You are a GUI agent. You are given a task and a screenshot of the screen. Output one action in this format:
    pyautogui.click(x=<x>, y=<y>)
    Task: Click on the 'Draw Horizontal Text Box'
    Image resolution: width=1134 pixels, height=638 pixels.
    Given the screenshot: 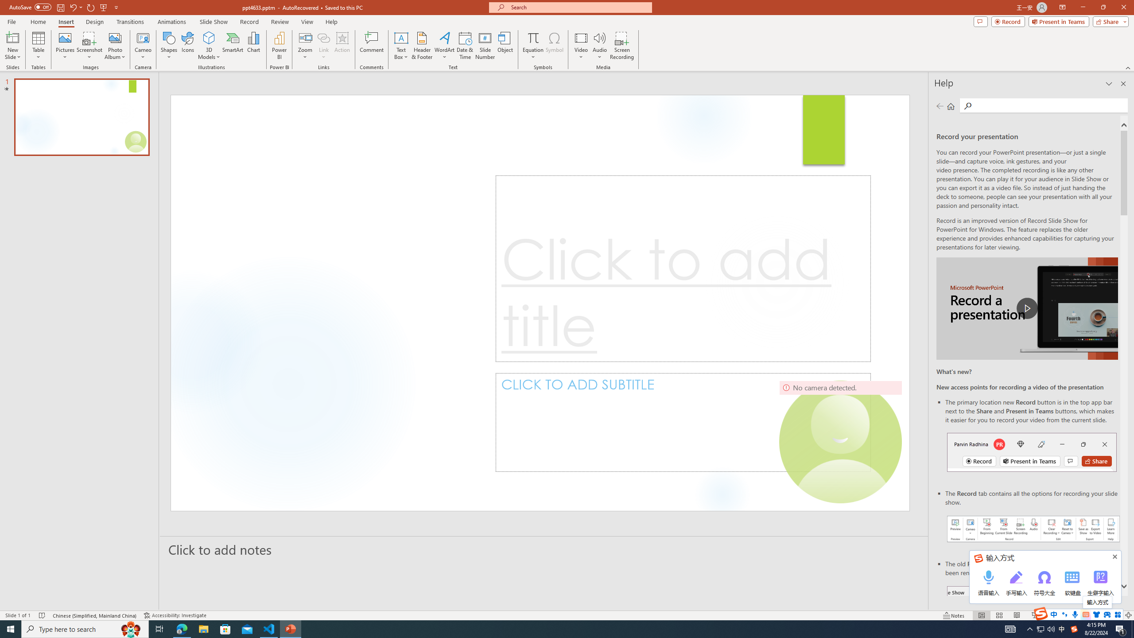 What is the action you would take?
    pyautogui.click(x=401, y=37)
    